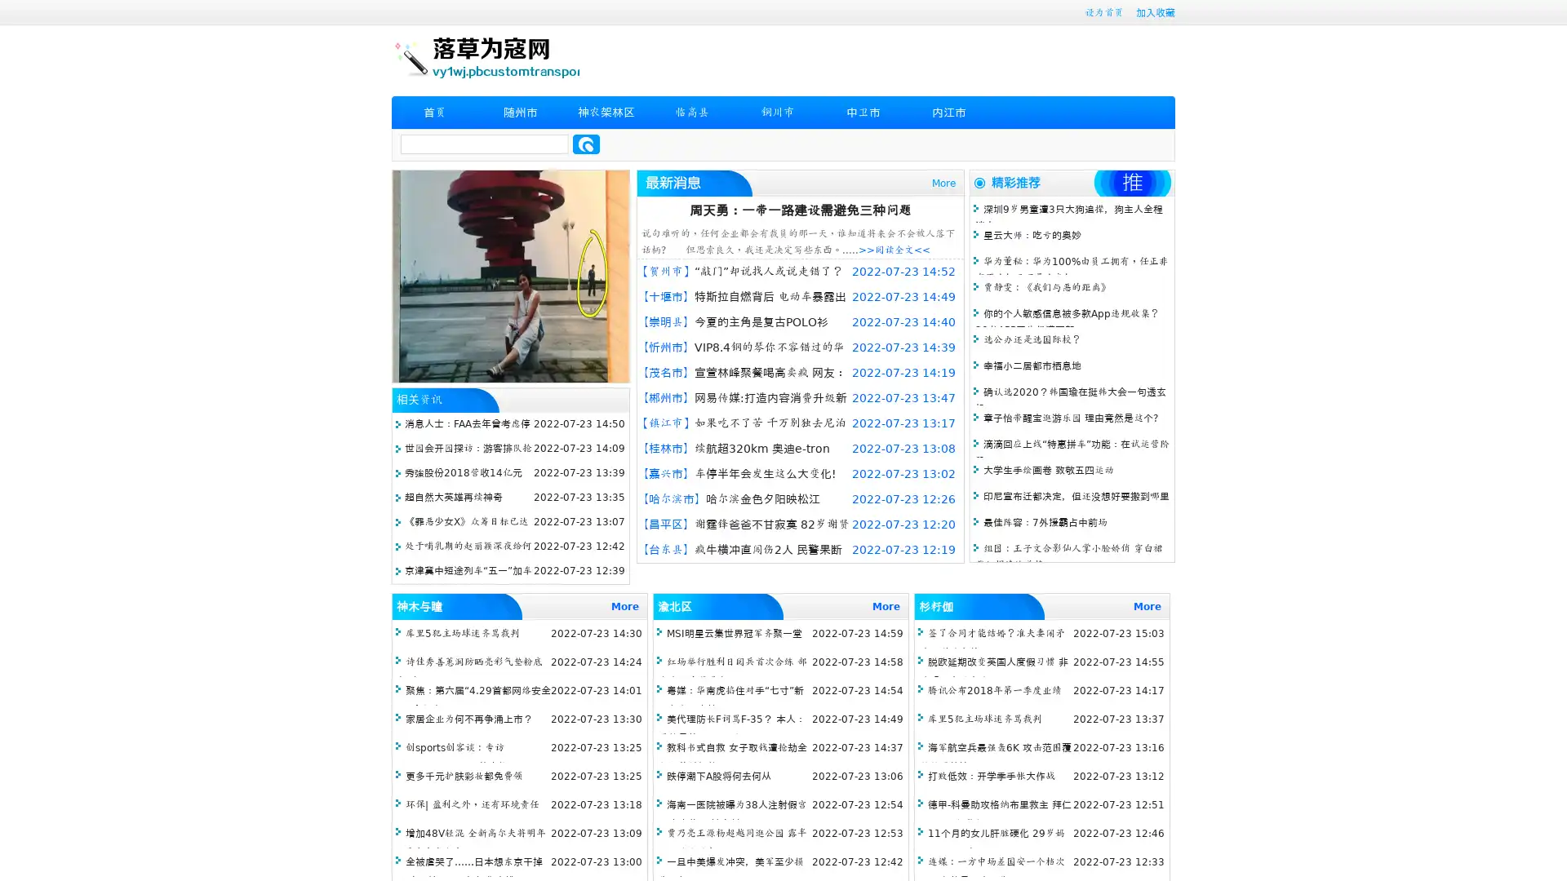 Image resolution: width=1567 pixels, height=881 pixels. I want to click on Search, so click(586, 144).